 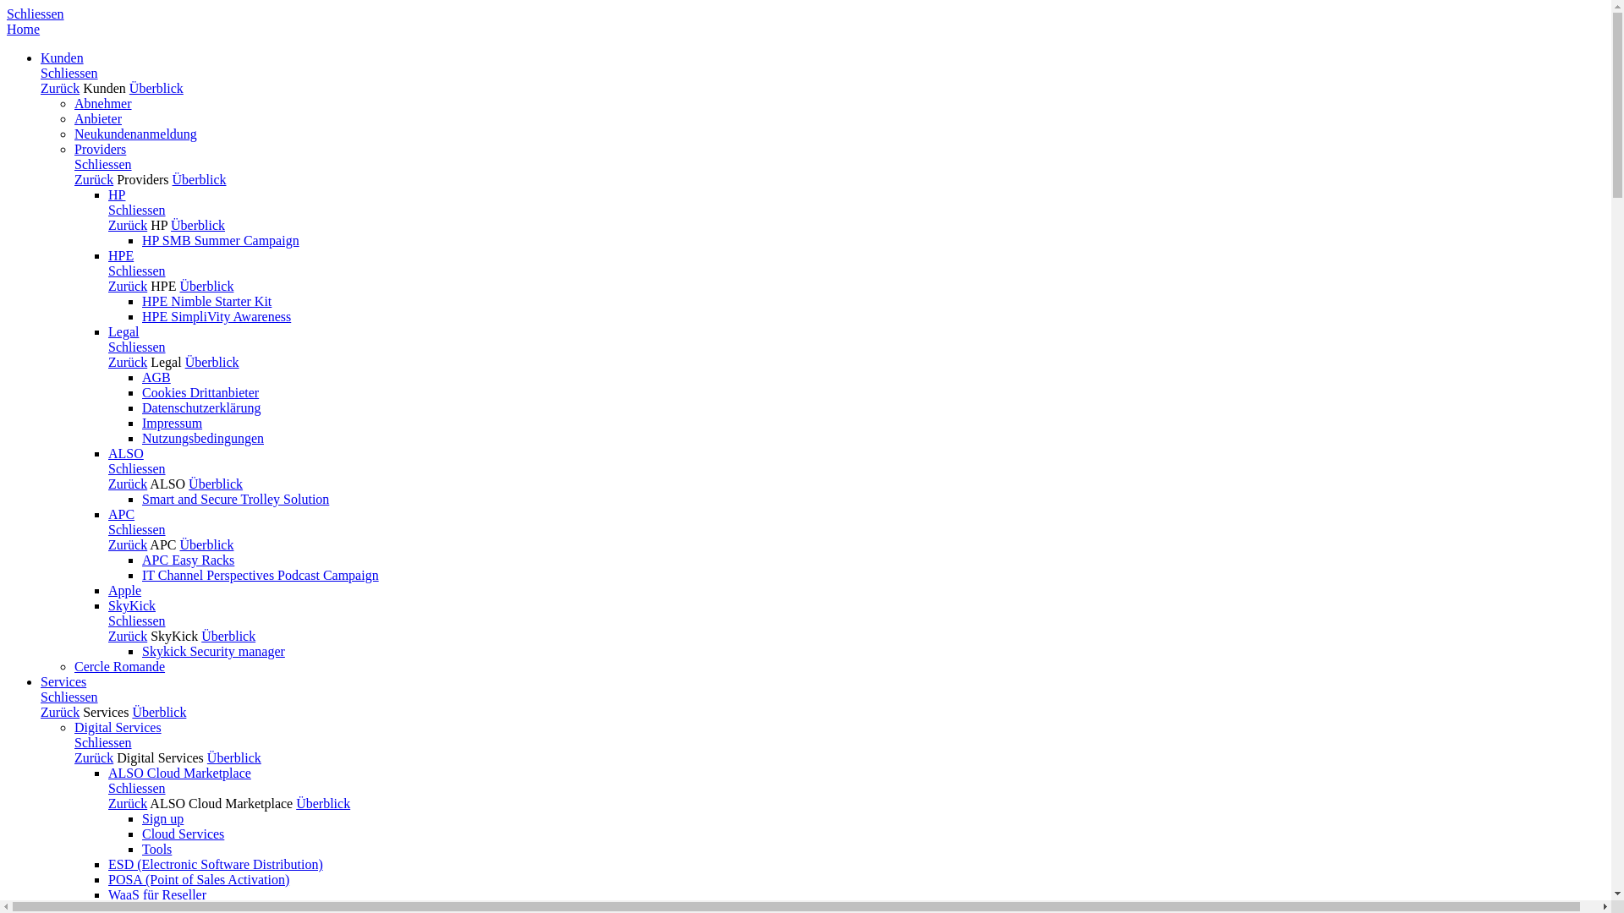 What do you see at coordinates (219, 240) in the screenshot?
I see `'HP SMB Summer Campaign'` at bounding box center [219, 240].